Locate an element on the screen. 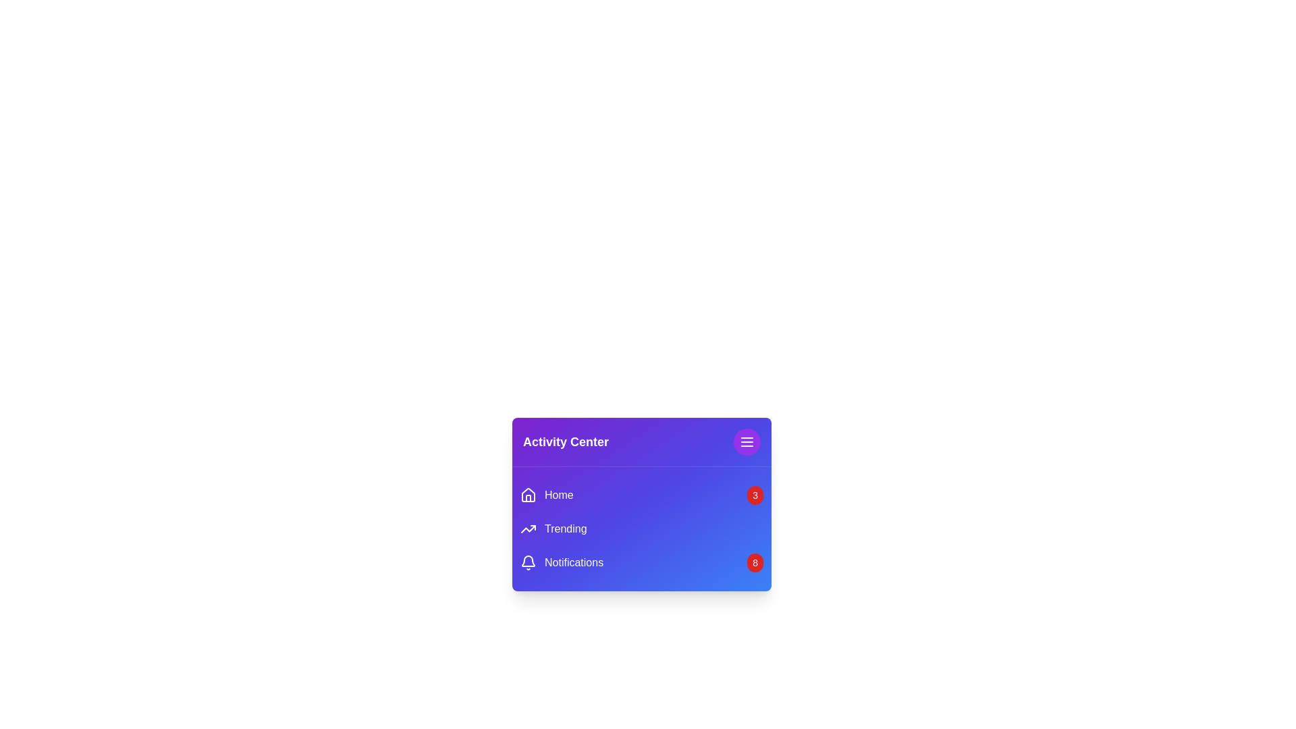 The image size is (1296, 729). the menu item Trending by clicking on it is located at coordinates (553, 528).